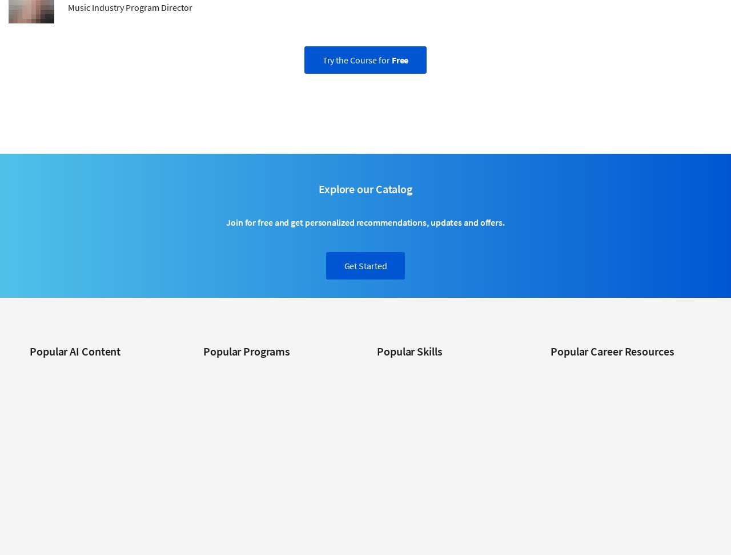  I want to click on 'Project Management Courses', so click(376, 509).